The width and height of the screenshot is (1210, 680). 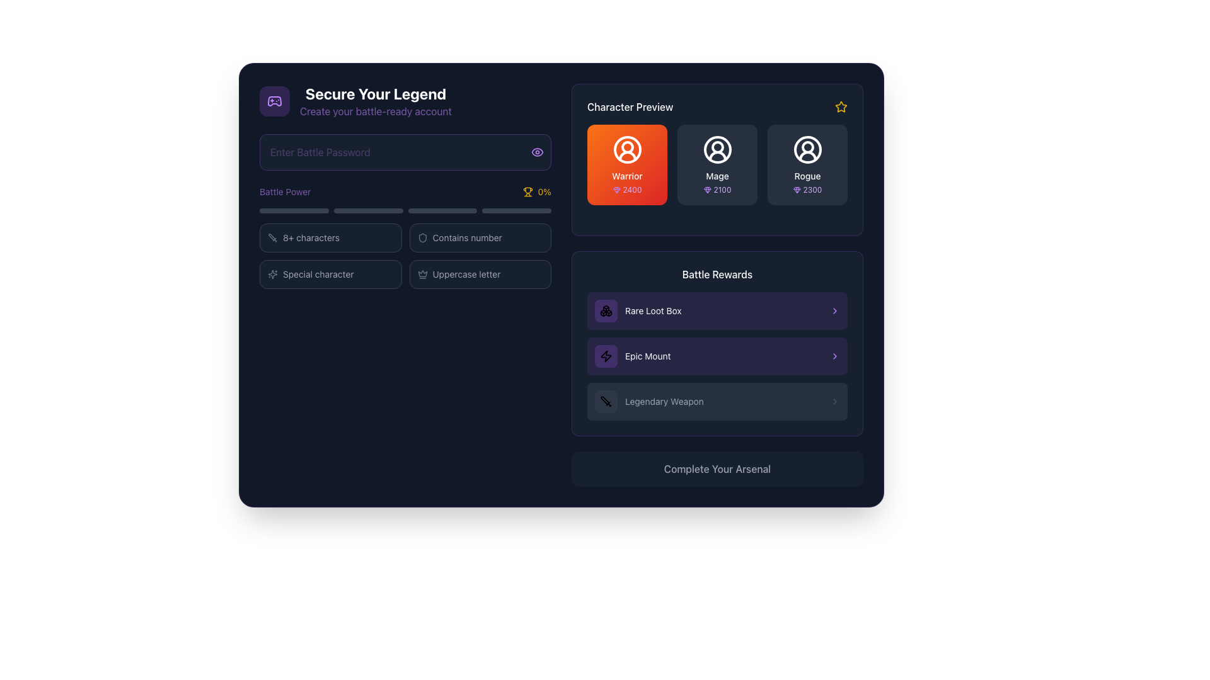 What do you see at coordinates (480, 238) in the screenshot?
I see `the password complexity indicator that specifies the requirement for at least one numeric character` at bounding box center [480, 238].